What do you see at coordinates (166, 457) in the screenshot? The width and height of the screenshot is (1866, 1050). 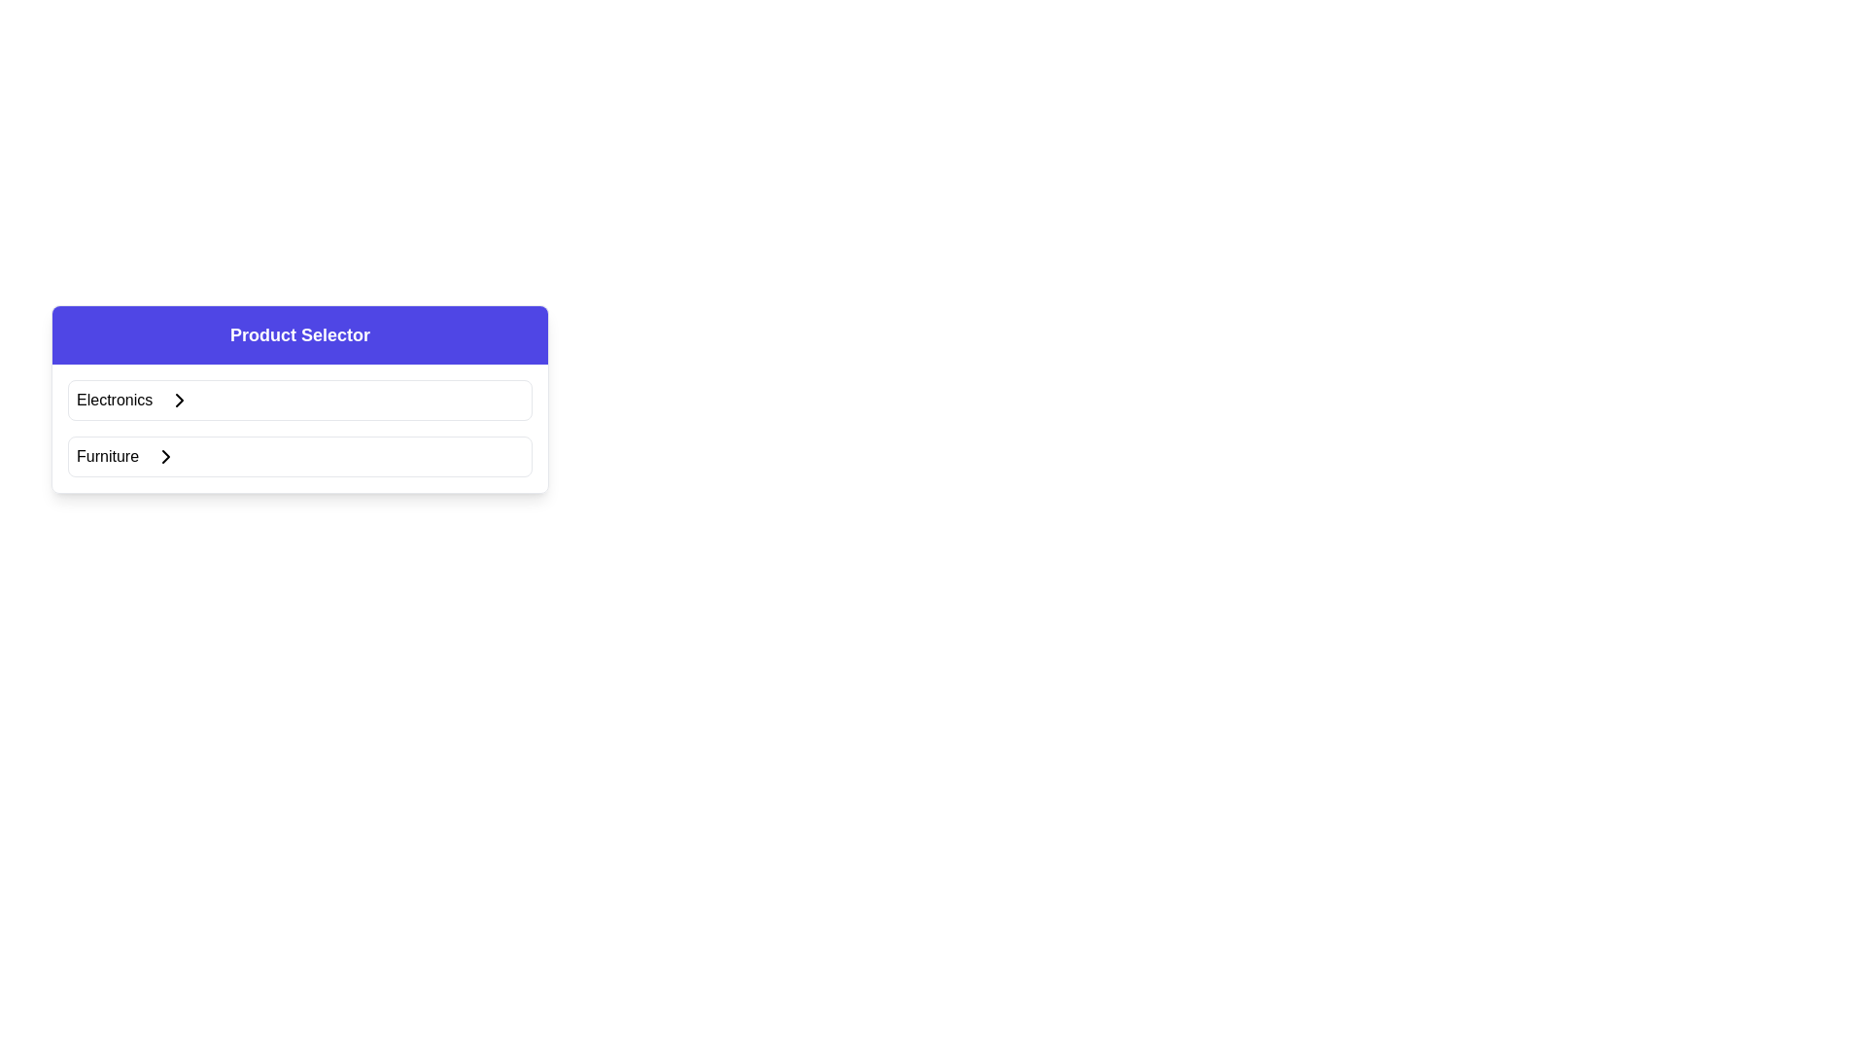 I see `the right-facing chevron icon with a dark stroke and rounded edges located under the 'Product Selector' section after the 'Furniture' text` at bounding box center [166, 457].